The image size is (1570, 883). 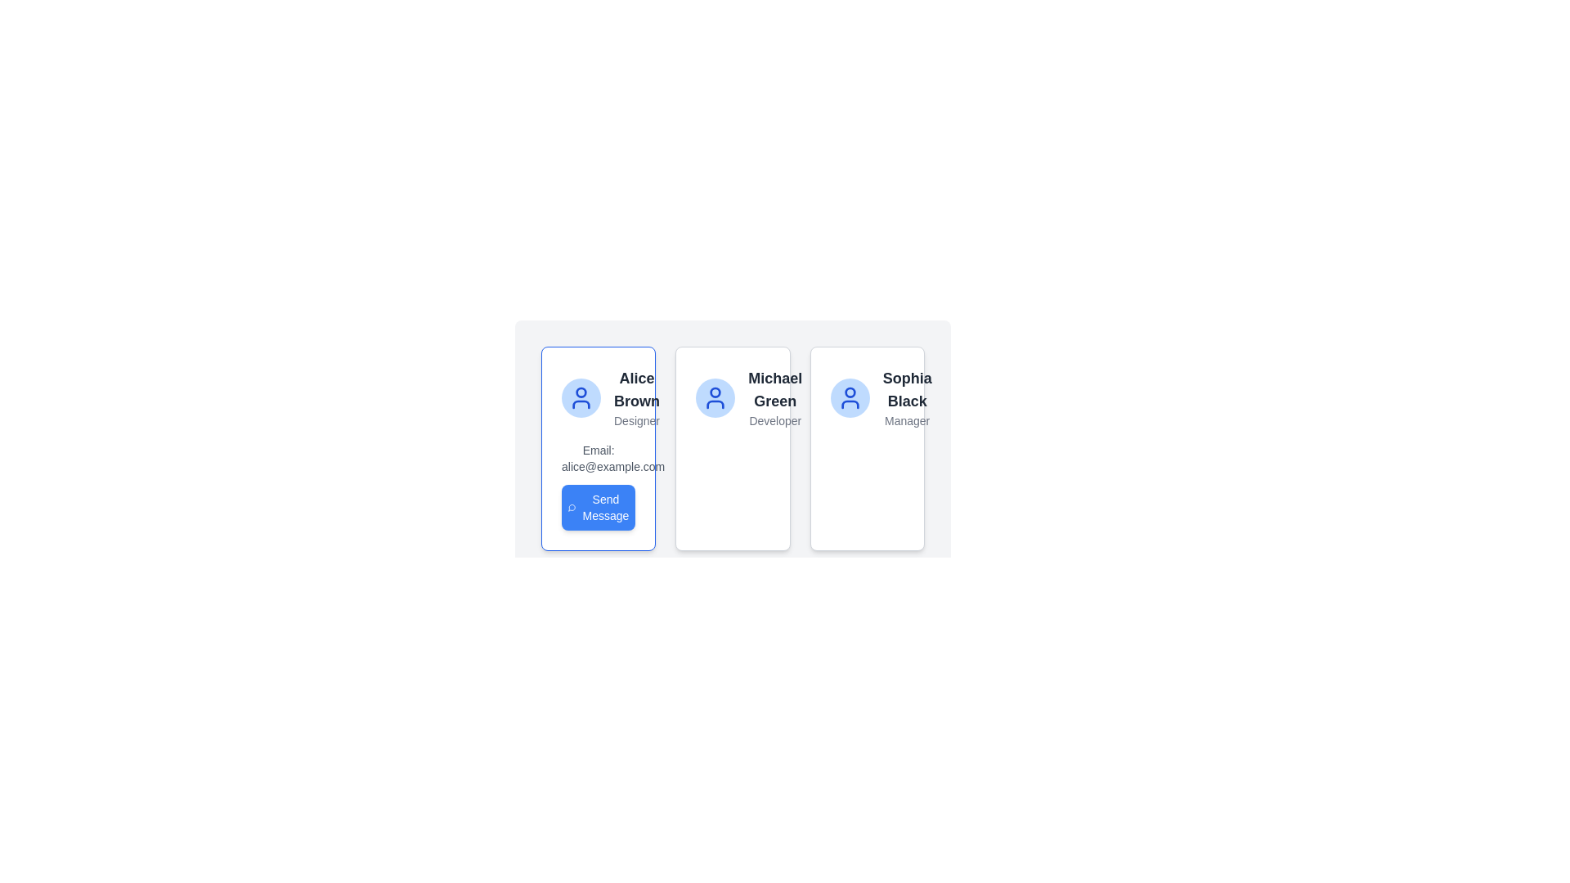 I want to click on the Text Label displaying the name and job title of a user or team member in the top section of the leftmost card, so click(x=635, y=397).